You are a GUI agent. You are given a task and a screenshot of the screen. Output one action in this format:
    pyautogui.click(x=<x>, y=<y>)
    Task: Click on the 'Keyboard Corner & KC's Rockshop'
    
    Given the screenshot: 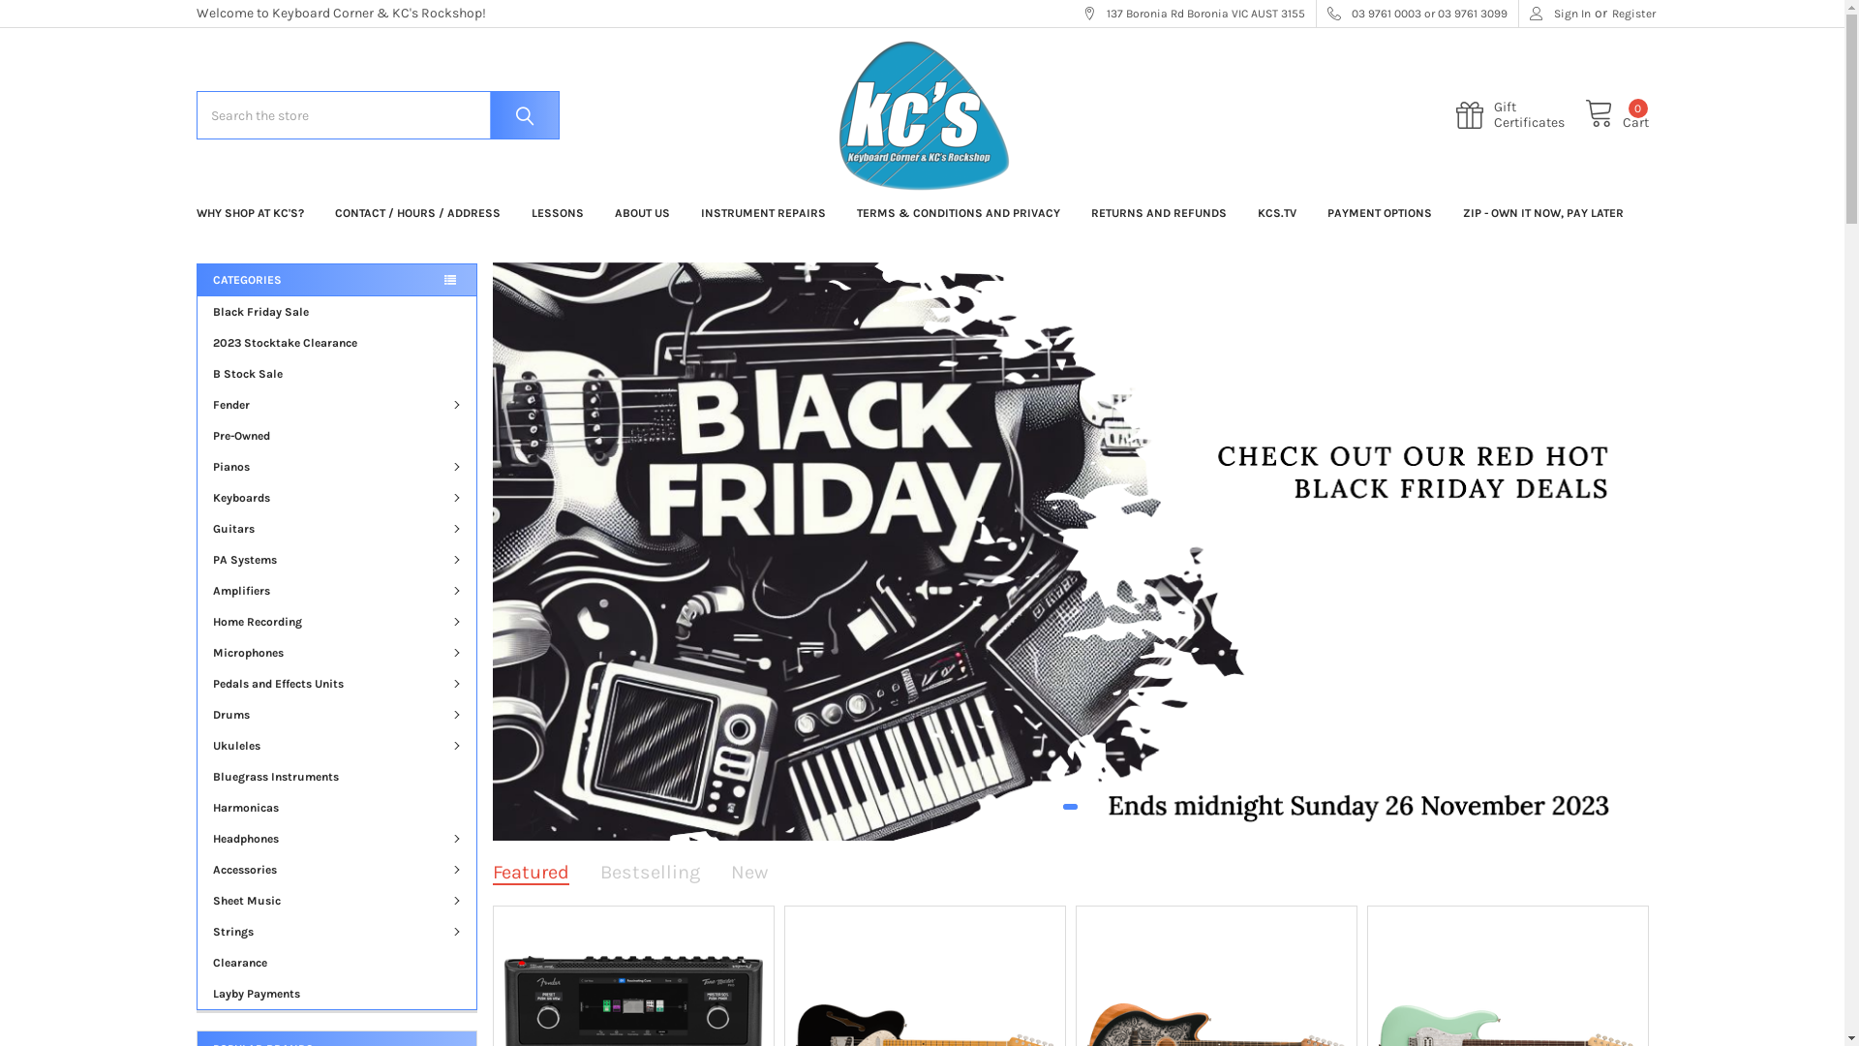 What is the action you would take?
    pyautogui.click(x=921, y=115)
    